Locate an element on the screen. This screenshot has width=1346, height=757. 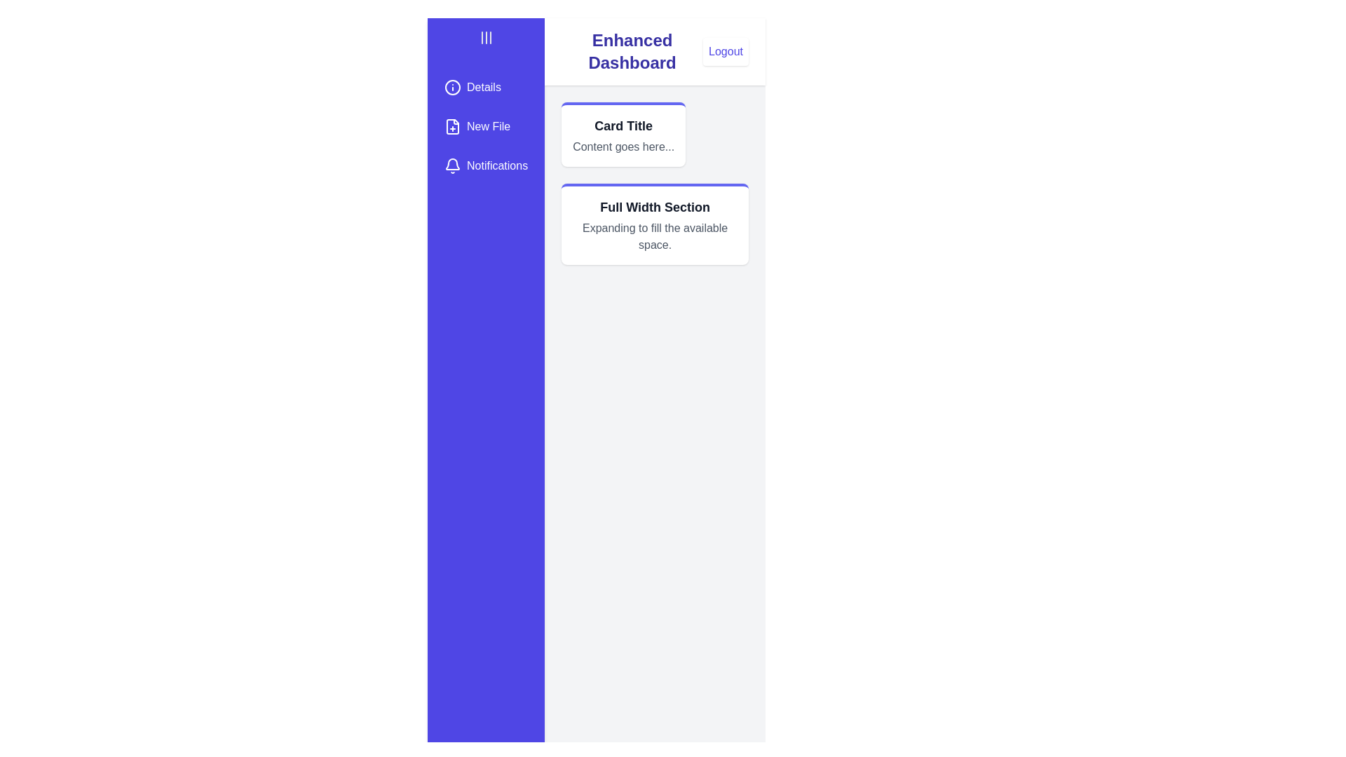
the text element that says 'Expanding to fill the available space.' which is styled in gray and positioned below the 'Full Width Section' label is located at coordinates (654, 236).